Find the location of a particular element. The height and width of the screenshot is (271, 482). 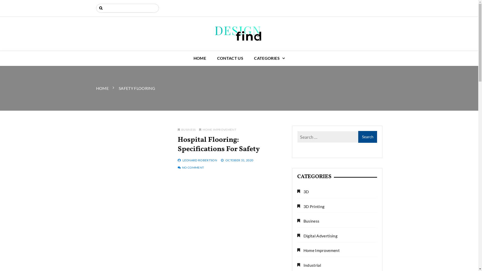

'Digital Advertising' is located at coordinates (317, 236).